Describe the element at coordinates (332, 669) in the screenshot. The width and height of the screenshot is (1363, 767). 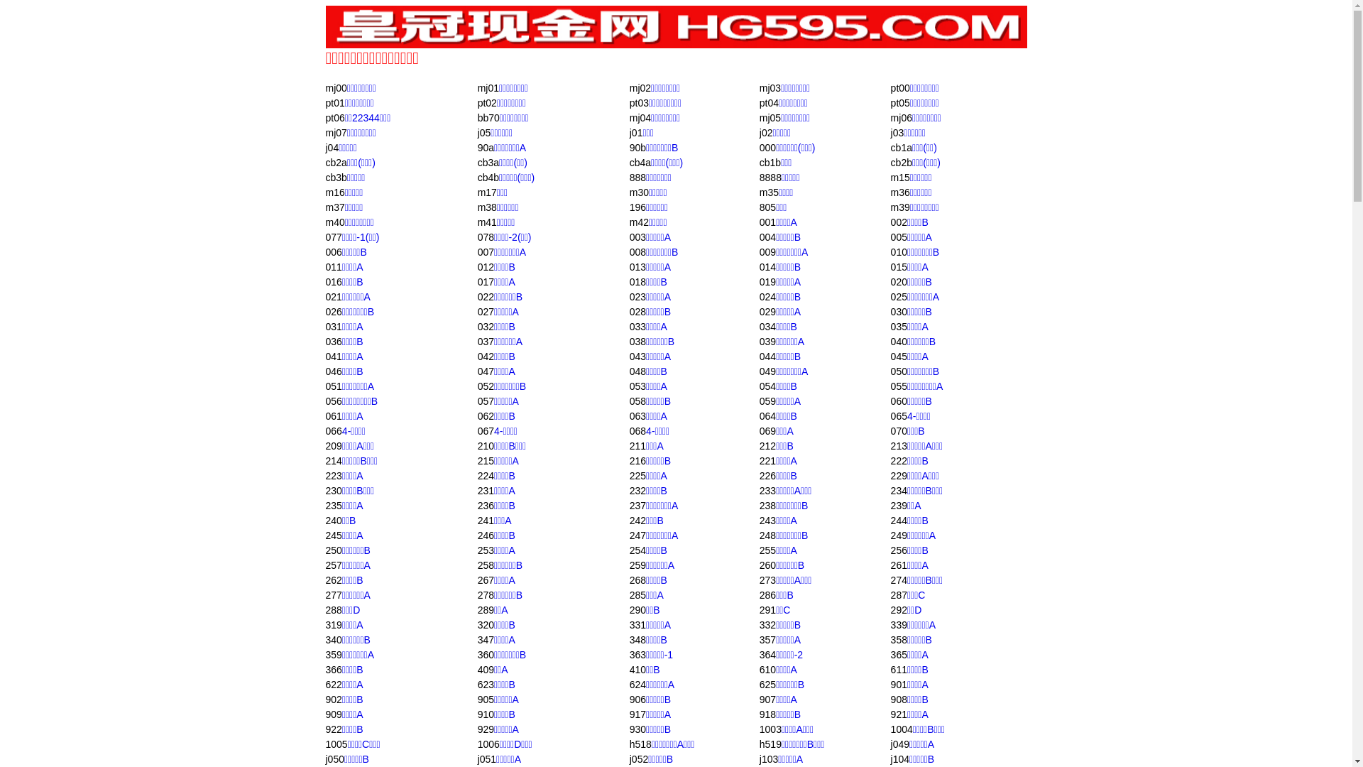
I see `'366'` at that location.